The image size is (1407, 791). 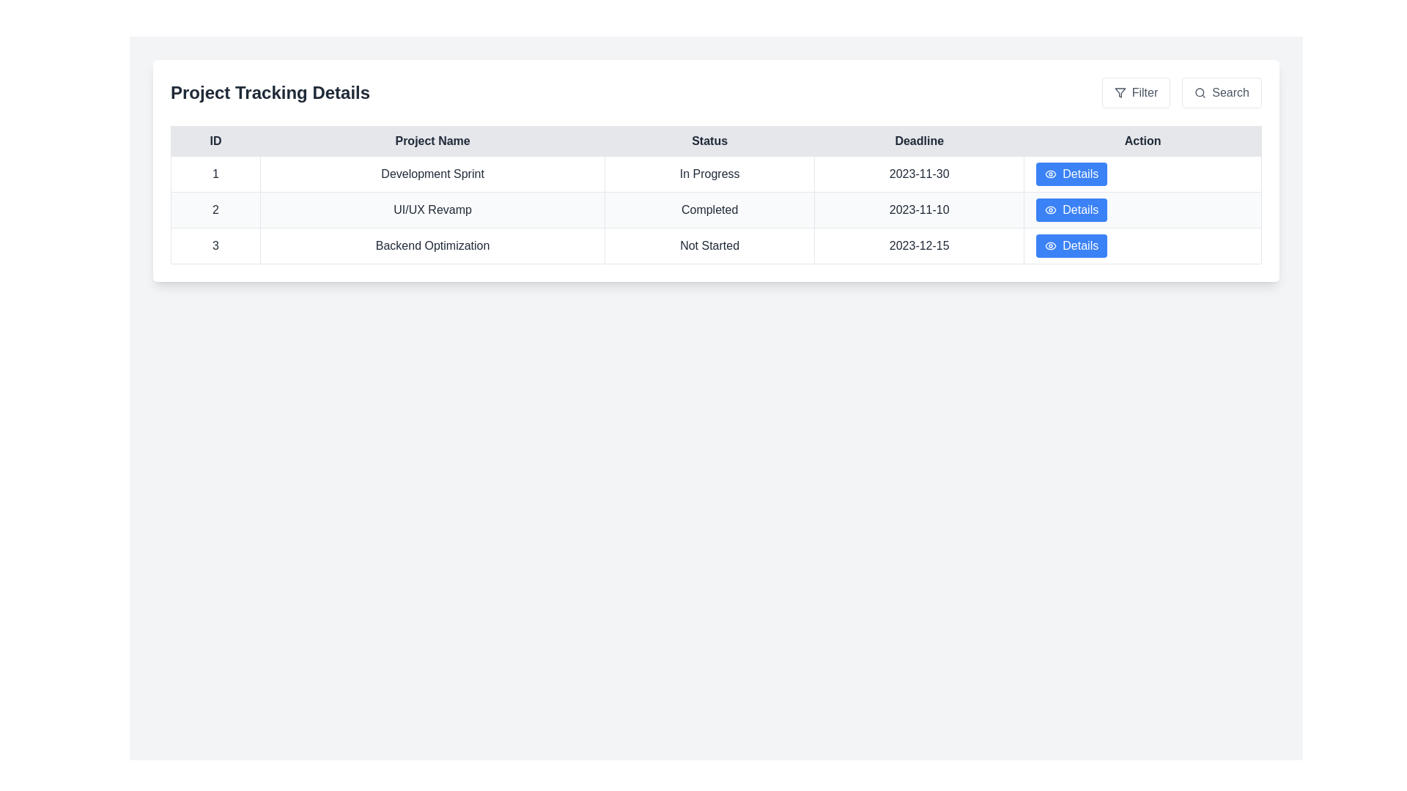 What do you see at coordinates (1071, 245) in the screenshot?
I see `the 'Details' button associated with the 'Backend Optimization' project in the bottom row of the 'Action' column` at bounding box center [1071, 245].